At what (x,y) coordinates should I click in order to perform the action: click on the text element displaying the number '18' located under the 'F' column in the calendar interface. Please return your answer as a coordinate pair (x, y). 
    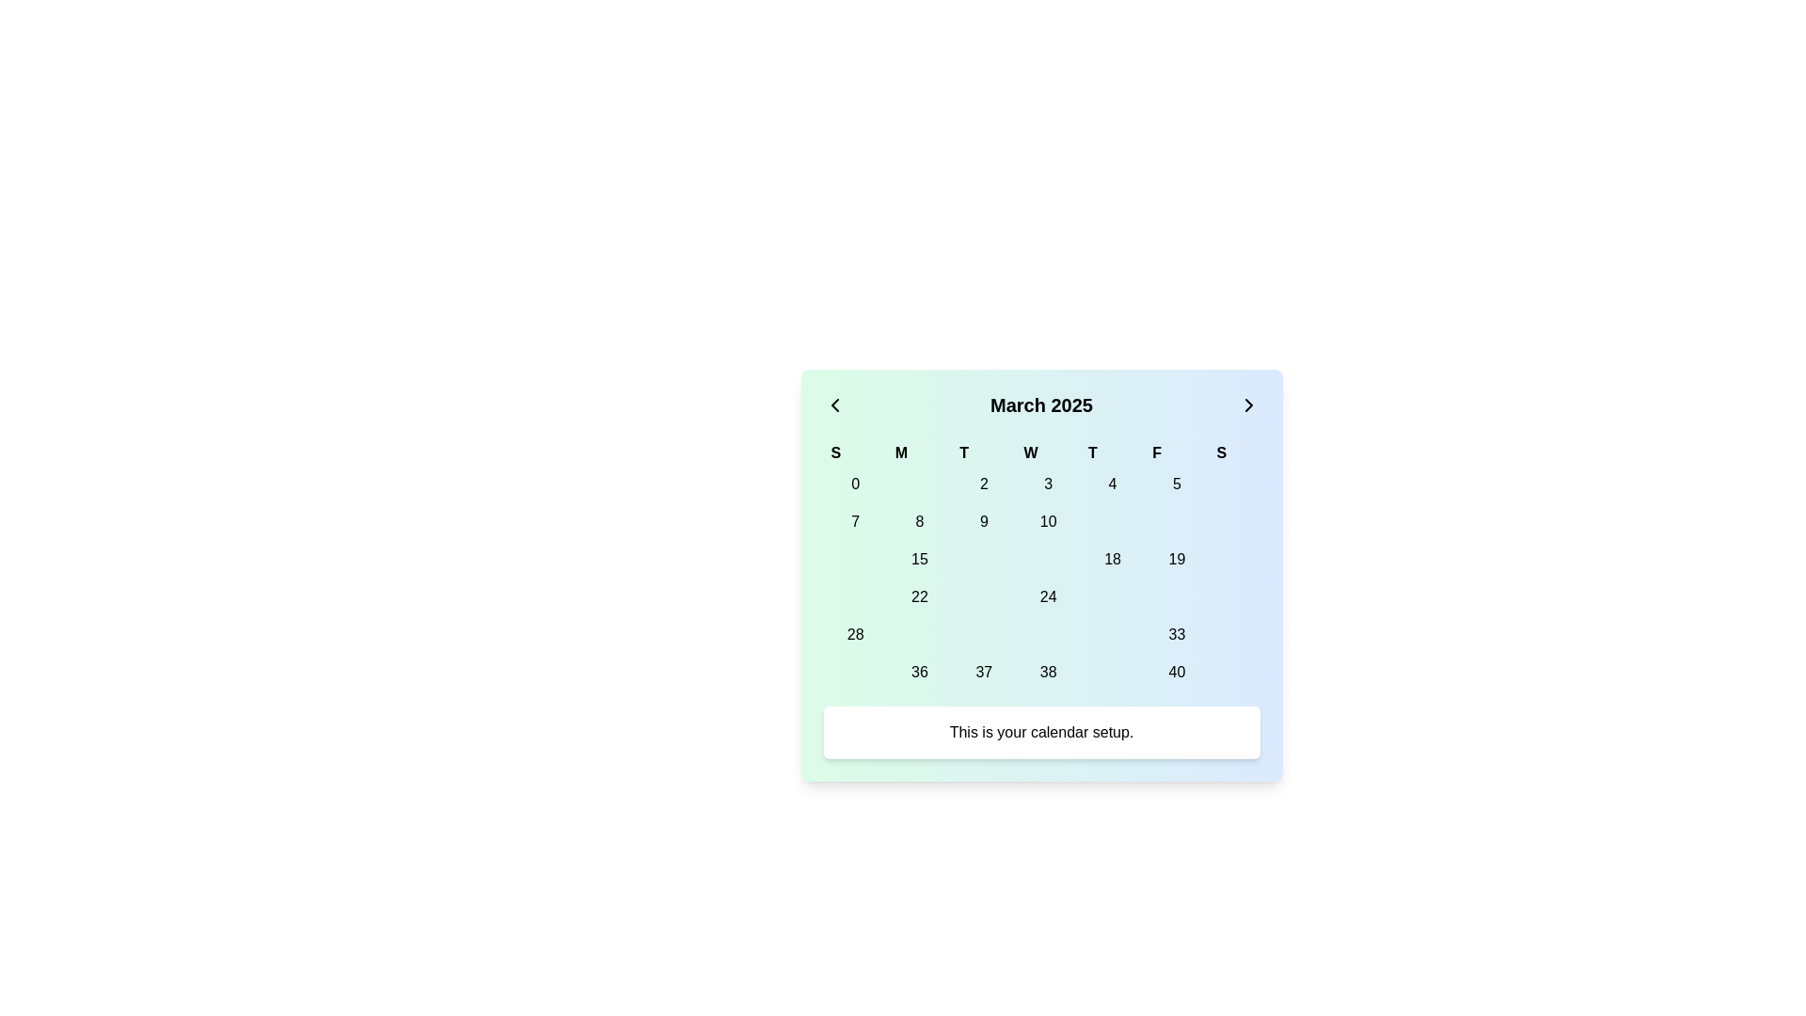
    Looking at the image, I should click on (1113, 558).